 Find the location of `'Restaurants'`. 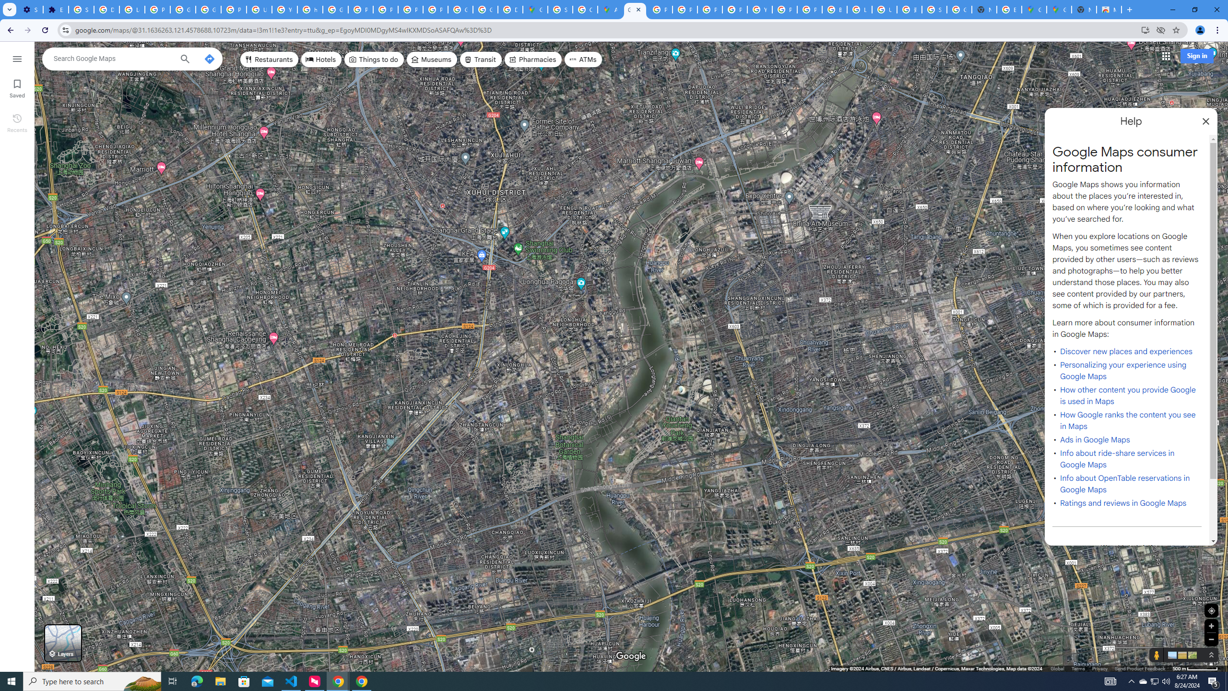

'Restaurants' is located at coordinates (269, 59).